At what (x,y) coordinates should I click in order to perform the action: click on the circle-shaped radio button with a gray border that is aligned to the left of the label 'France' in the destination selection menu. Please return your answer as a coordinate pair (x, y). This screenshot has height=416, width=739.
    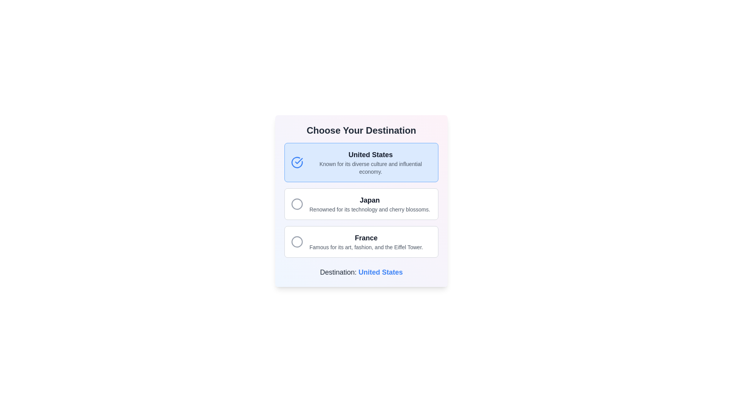
    Looking at the image, I should click on (297, 242).